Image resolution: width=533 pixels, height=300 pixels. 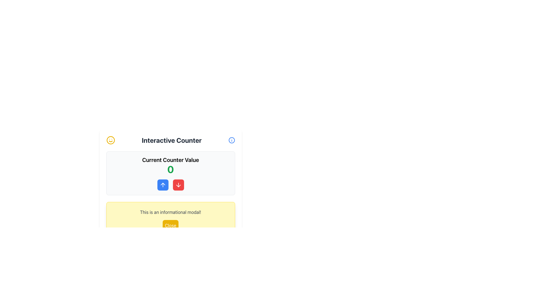 What do you see at coordinates (170, 169) in the screenshot?
I see `the bold green numeral '0' text label, which is located within a white box, positioned below the 'Current Counter Value' text and above two buttons in the 'Interactive Counter' section` at bounding box center [170, 169].